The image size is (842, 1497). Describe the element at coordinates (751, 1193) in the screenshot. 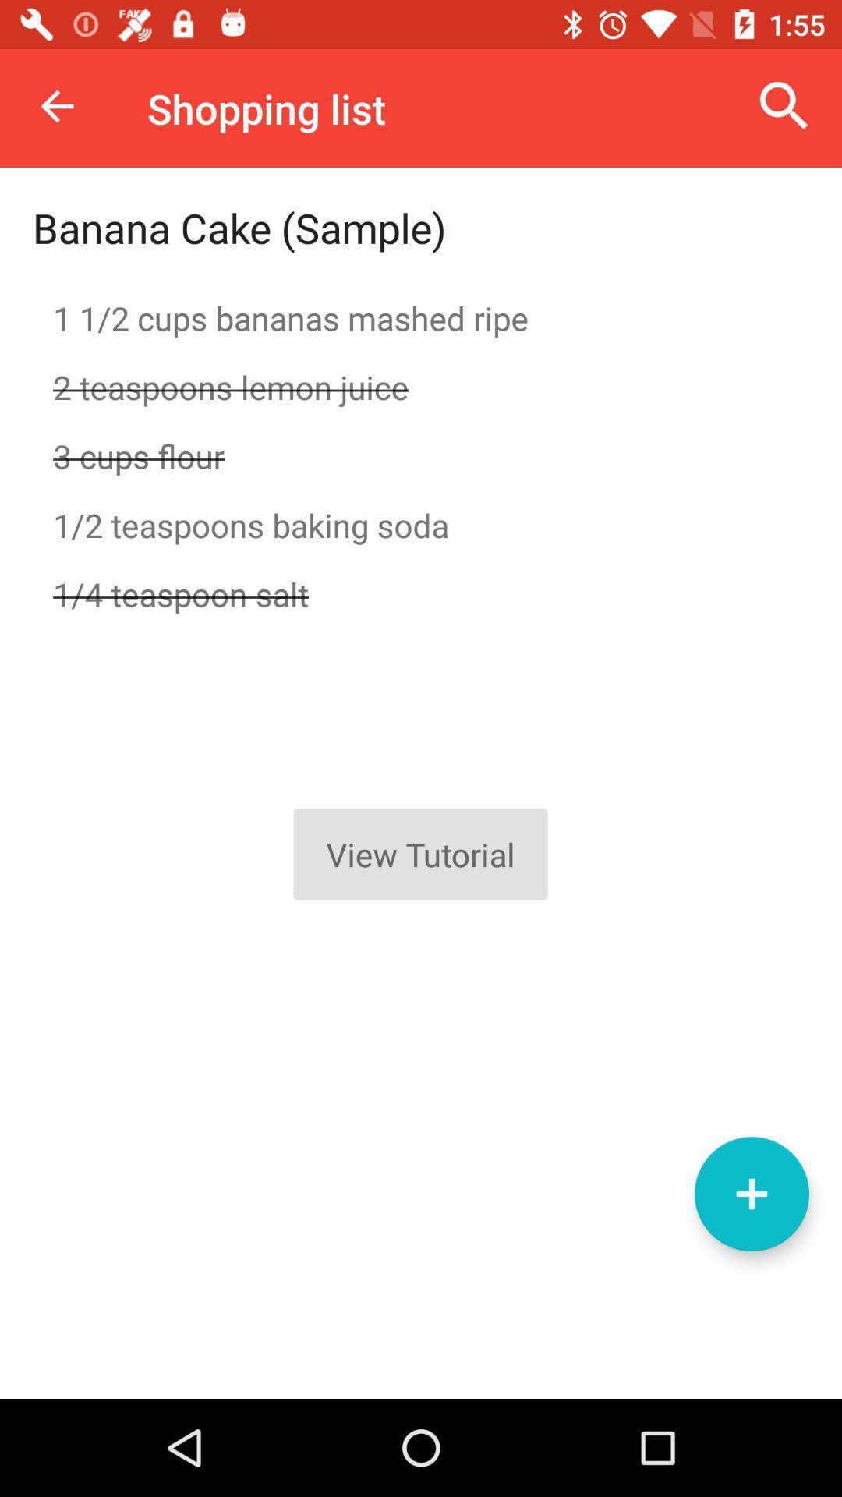

I see `the add icon` at that location.